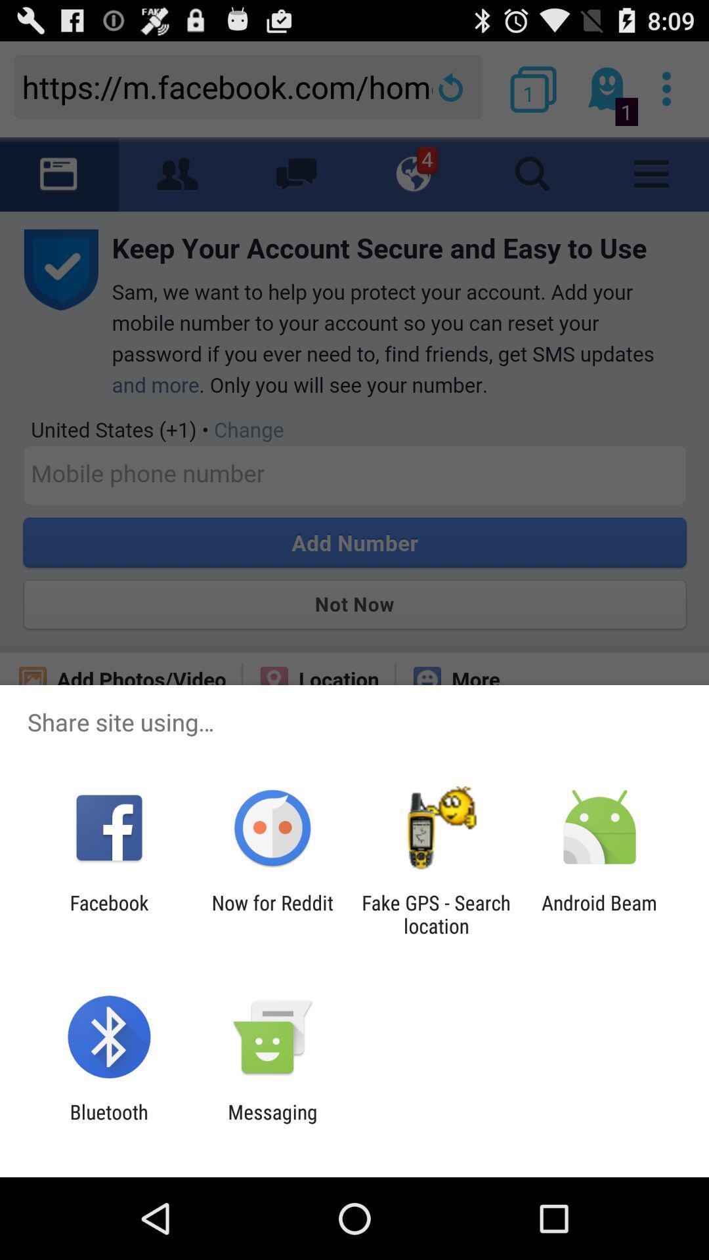 Image resolution: width=709 pixels, height=1260 pixels. What do you see at coordinates (599, 913) in the screenshot?
I see `icon next to fake gps search item` at bounding box center [599, 913].